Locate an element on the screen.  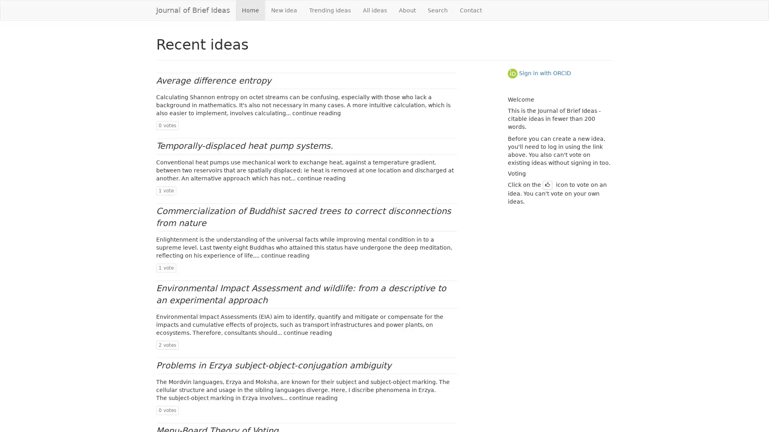
2 votes is located at coordinates (167, 344).